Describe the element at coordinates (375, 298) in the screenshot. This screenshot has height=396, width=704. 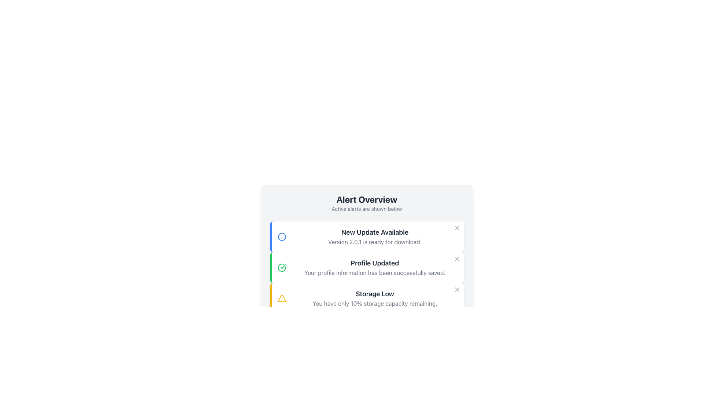
I see `warning text from the 'Storage Low' notification text block, which includes the heading and description about low storage capacity` at that location.